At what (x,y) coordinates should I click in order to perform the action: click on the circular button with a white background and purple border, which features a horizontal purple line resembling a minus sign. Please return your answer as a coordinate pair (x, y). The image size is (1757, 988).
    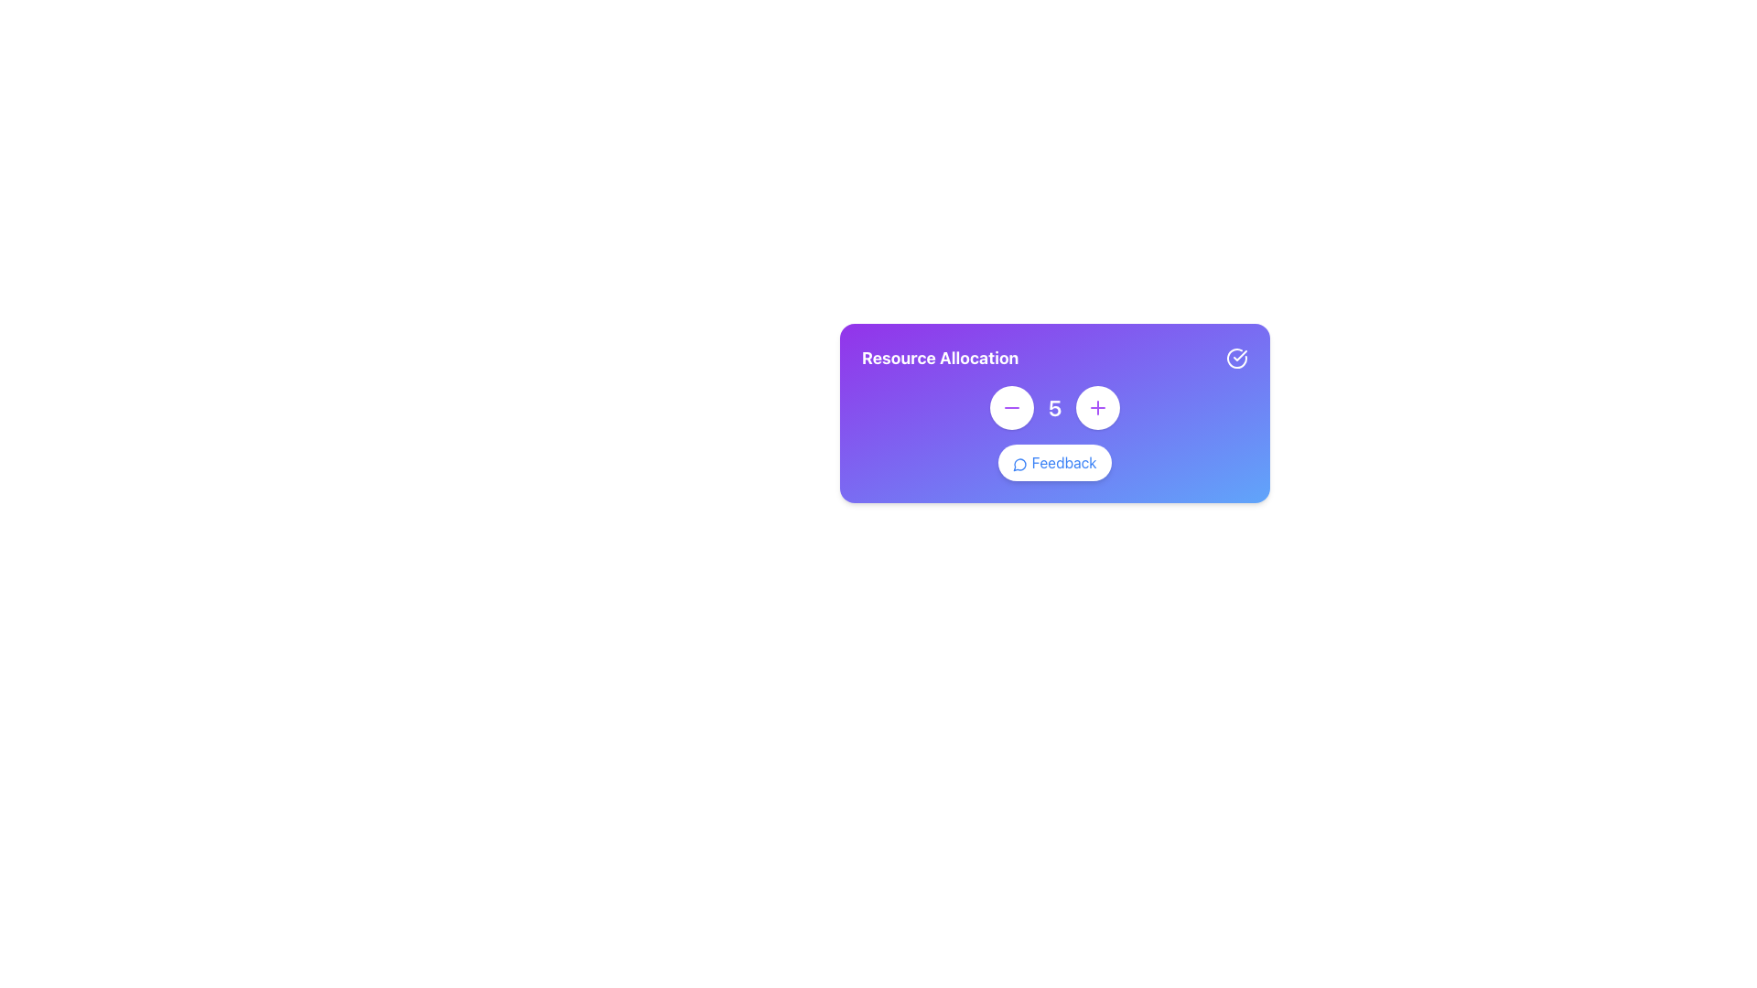
    Looking at the image, I should click on (1010, 407).